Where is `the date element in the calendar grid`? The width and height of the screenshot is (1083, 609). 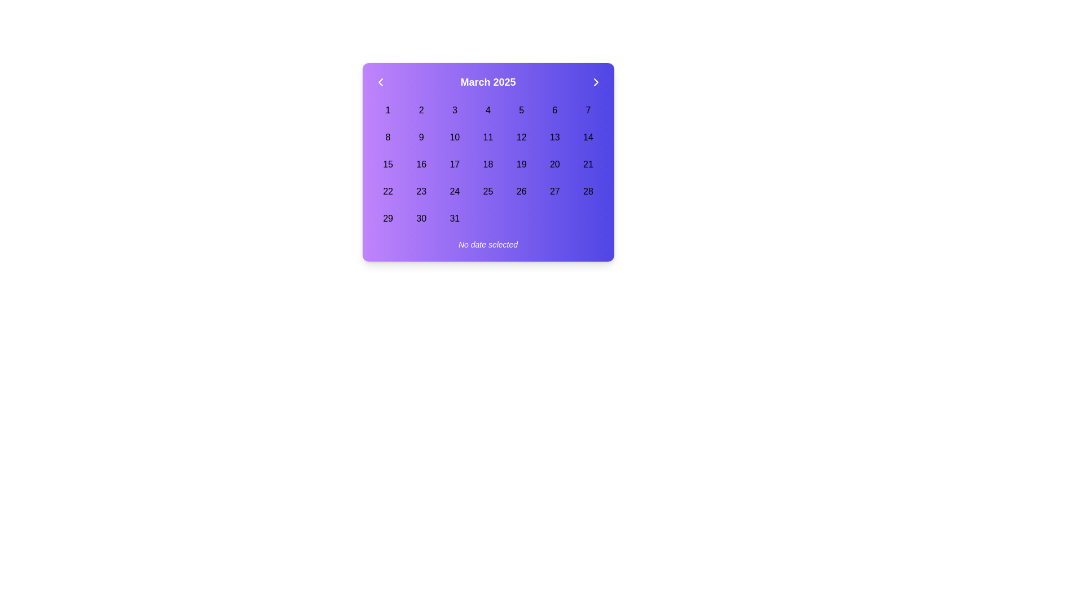
the date element in the calendar grid is located at coordinates (488, 165).